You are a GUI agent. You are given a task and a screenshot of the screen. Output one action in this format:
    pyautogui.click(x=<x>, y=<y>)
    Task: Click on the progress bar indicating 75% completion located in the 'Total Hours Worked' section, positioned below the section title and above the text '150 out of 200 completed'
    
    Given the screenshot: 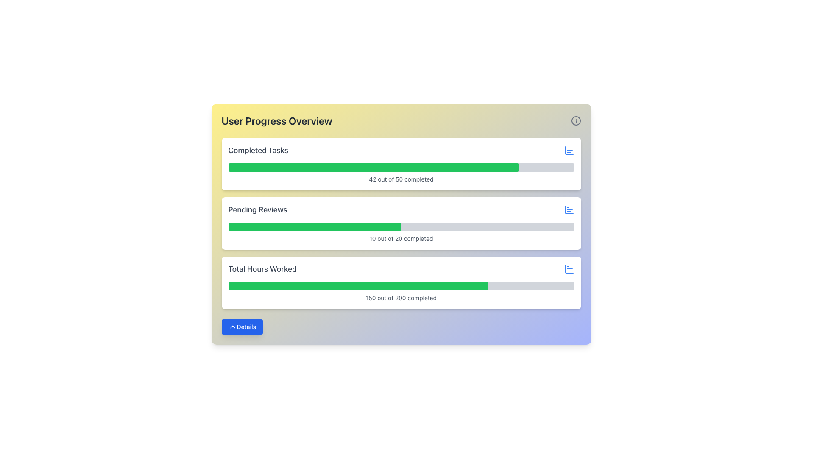 What is the action you would take?
    pyautogui.click(x=401, y=286)
    